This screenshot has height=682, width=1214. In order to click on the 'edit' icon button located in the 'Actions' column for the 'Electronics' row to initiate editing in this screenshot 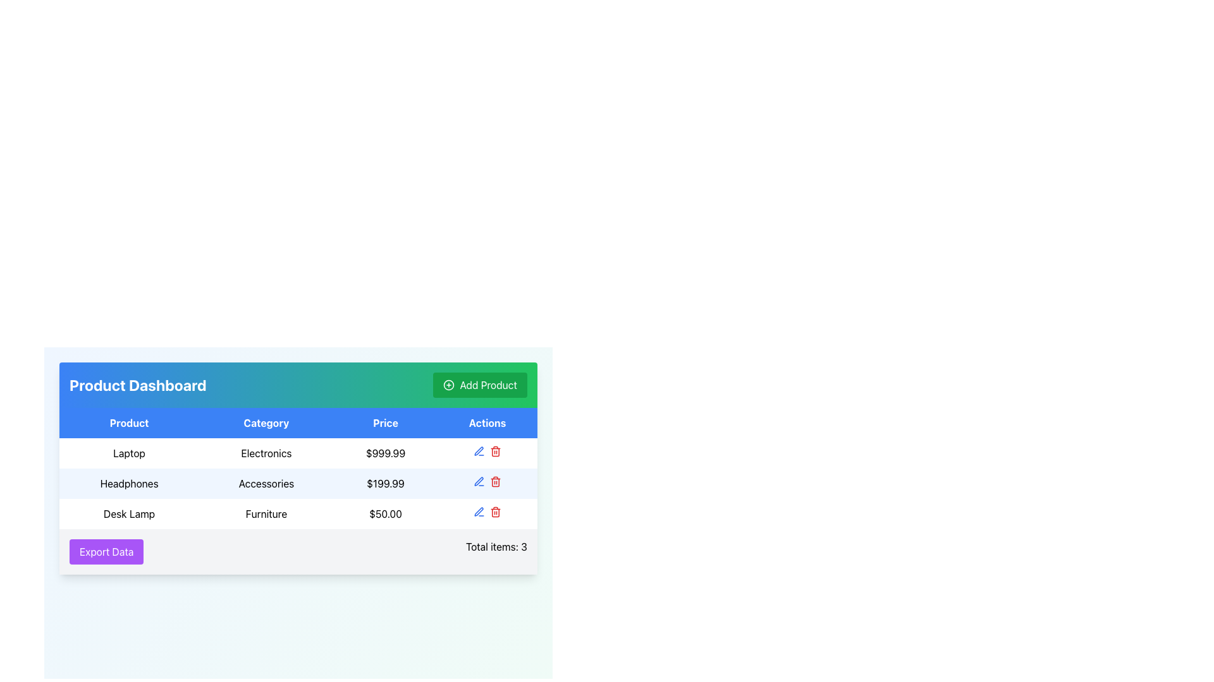, I will do `click(479, 450)`.